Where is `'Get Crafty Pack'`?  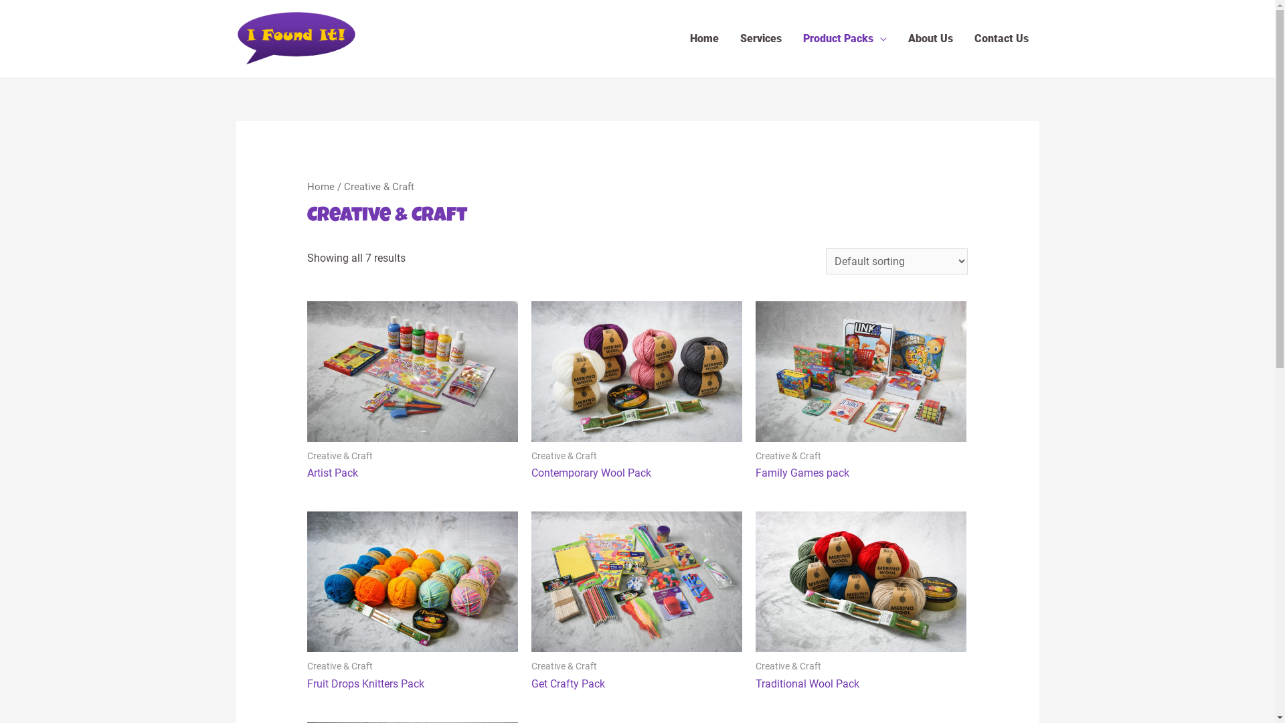 'Get Crafty Pack' is located at coordinates (530, 684).